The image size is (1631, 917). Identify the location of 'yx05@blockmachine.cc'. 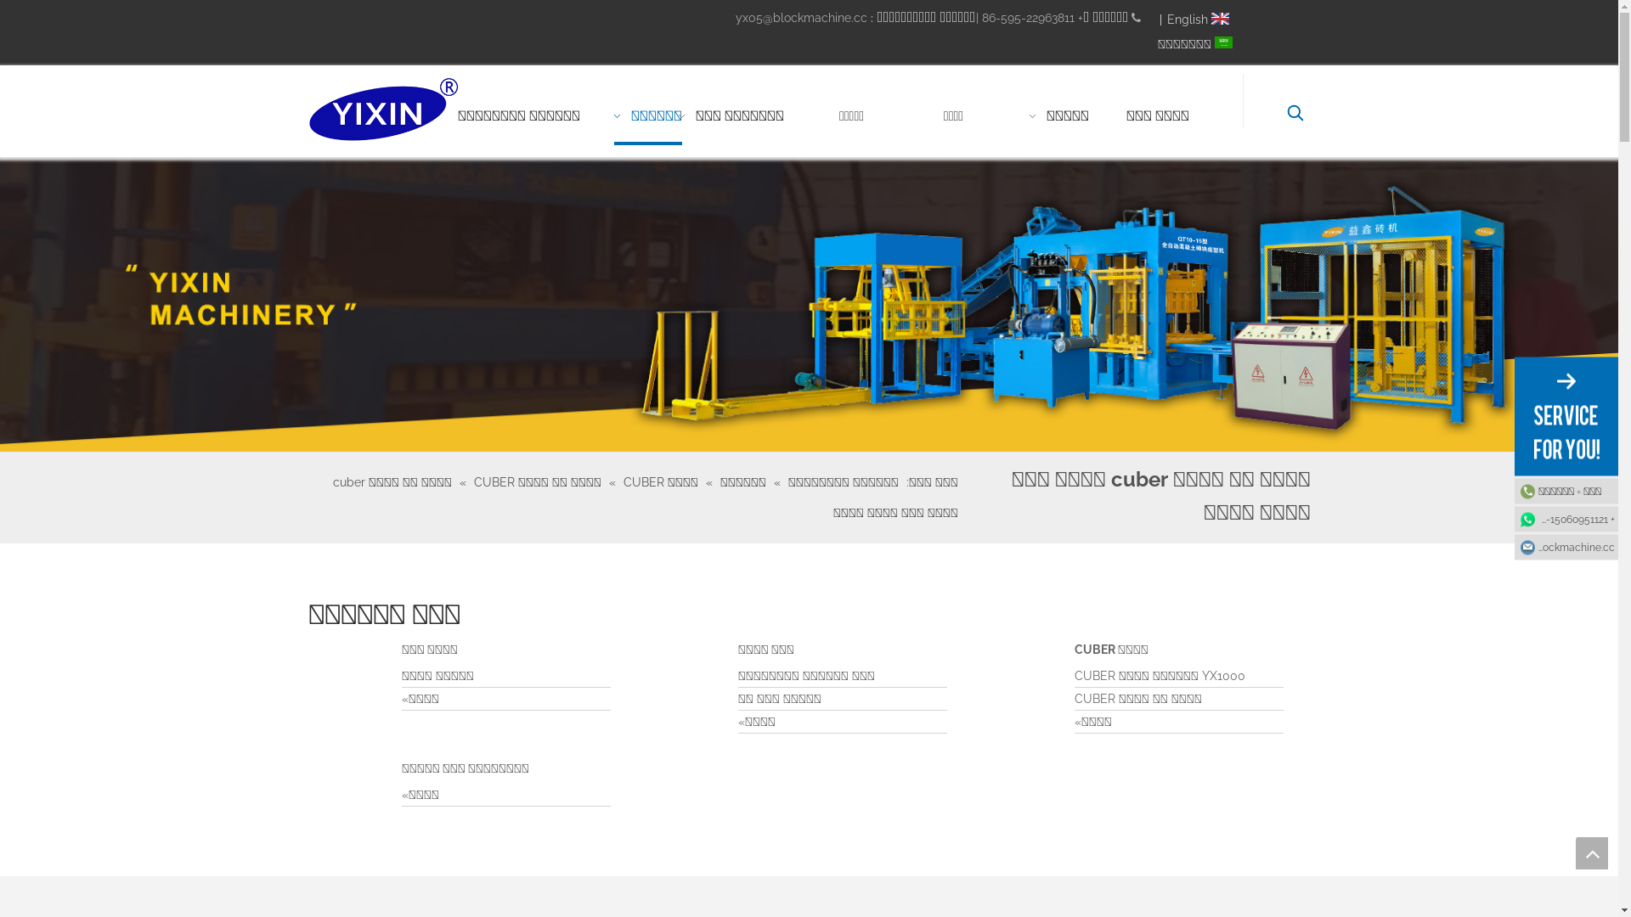
(1565, 547).